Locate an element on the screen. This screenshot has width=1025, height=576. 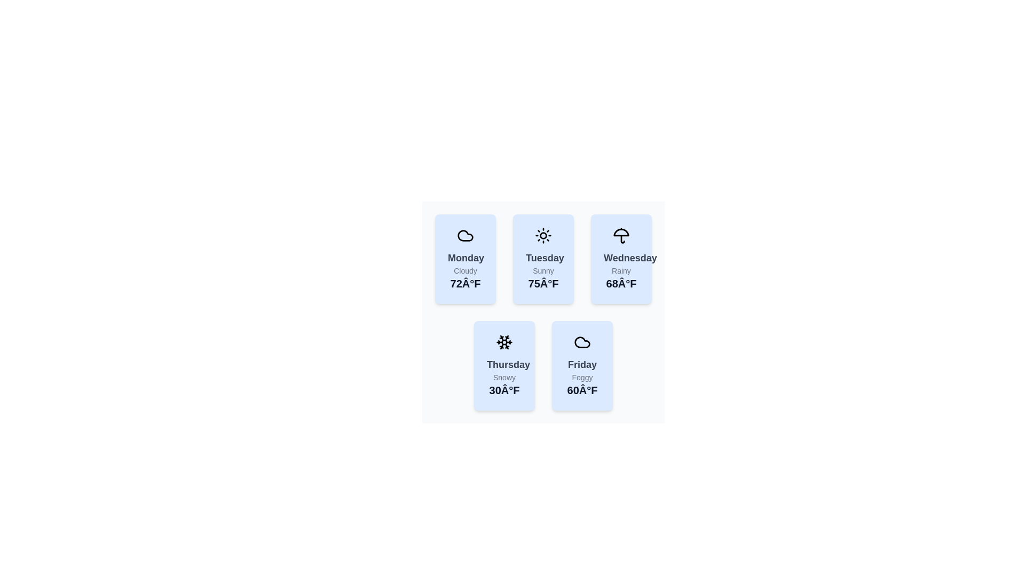
weather information from the informational card located in the second column of the first row of the grid layout is located at coordinates (543, 259).